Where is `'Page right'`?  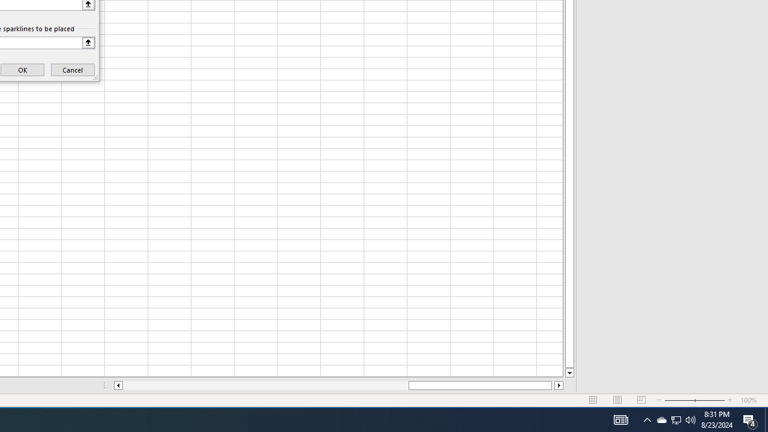
'Page right' is located at coordinates (553, 385).